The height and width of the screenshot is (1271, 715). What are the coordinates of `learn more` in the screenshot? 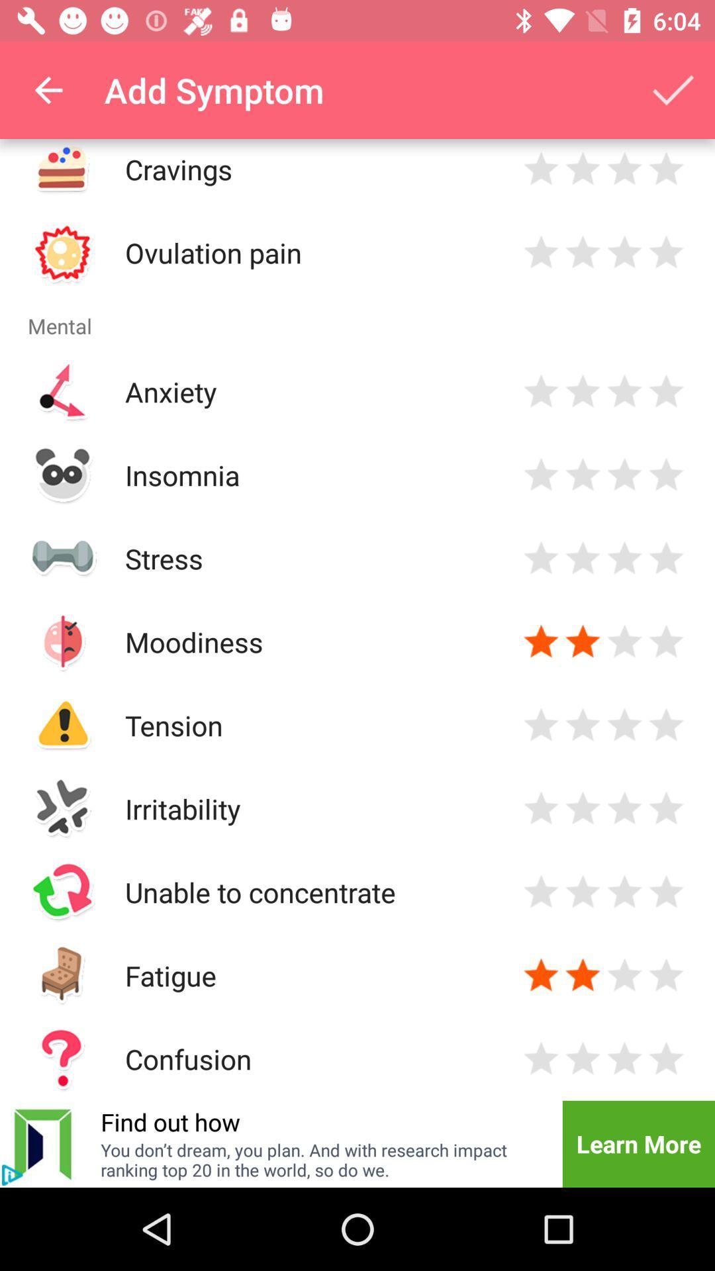 It's located at (638, 1143).